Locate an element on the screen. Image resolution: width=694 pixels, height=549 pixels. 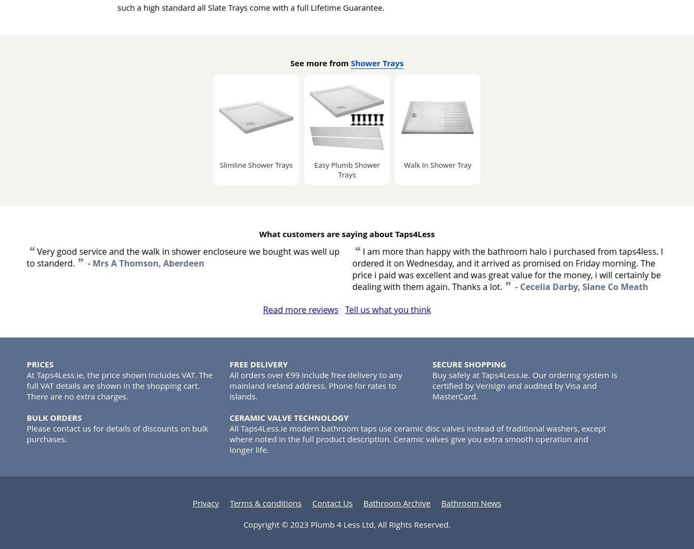
'At Taps4Less.ie, the price shown includes VAT. The full VAT details are shown in the shopping cart. There are no extra charges.' is located at coordinates (26, 385).